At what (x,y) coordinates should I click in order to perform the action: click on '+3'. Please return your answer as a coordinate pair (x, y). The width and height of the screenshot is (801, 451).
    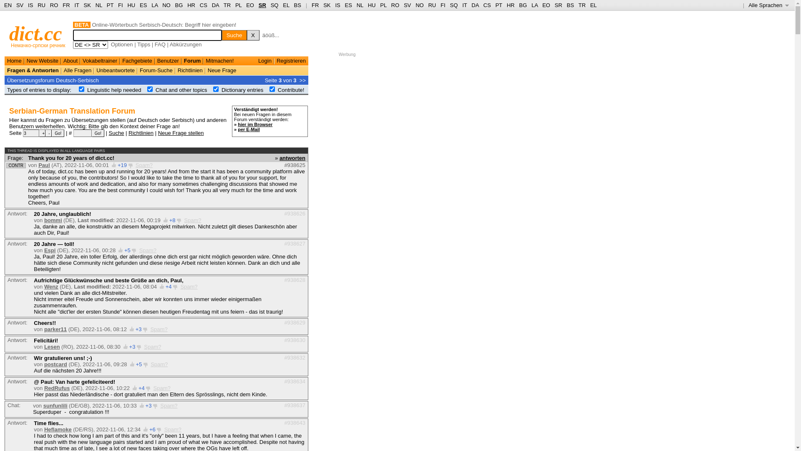
    Looking at the image, I should click on (132, 347).